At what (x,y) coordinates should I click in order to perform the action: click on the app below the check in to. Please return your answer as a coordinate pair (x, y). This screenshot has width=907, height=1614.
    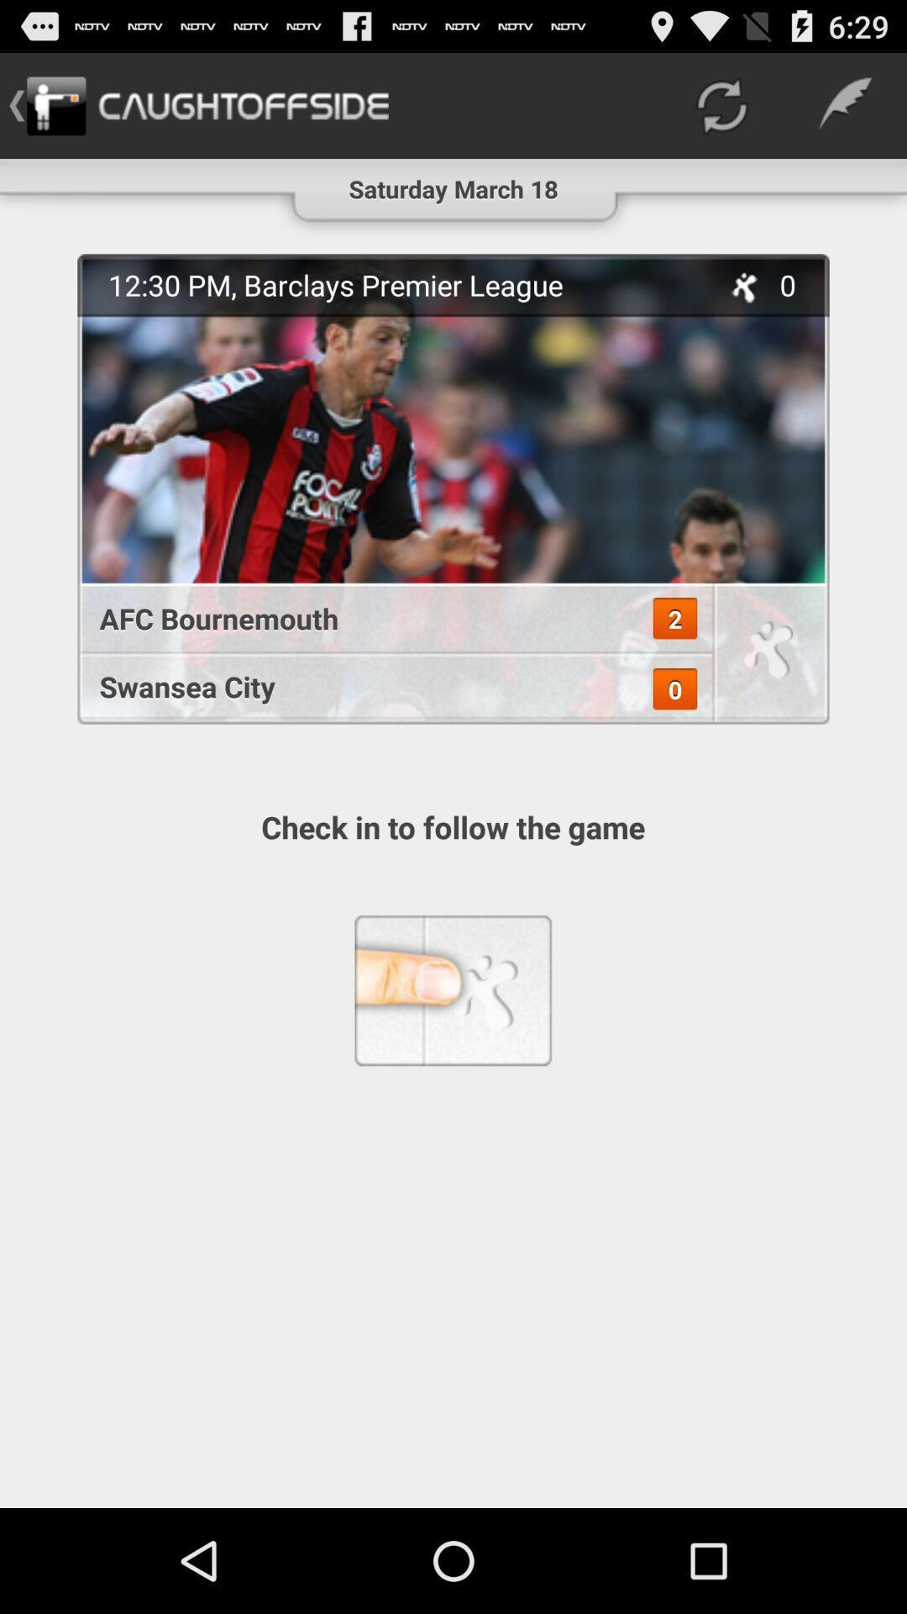
    Looking at the image, I should click on (452, 990).